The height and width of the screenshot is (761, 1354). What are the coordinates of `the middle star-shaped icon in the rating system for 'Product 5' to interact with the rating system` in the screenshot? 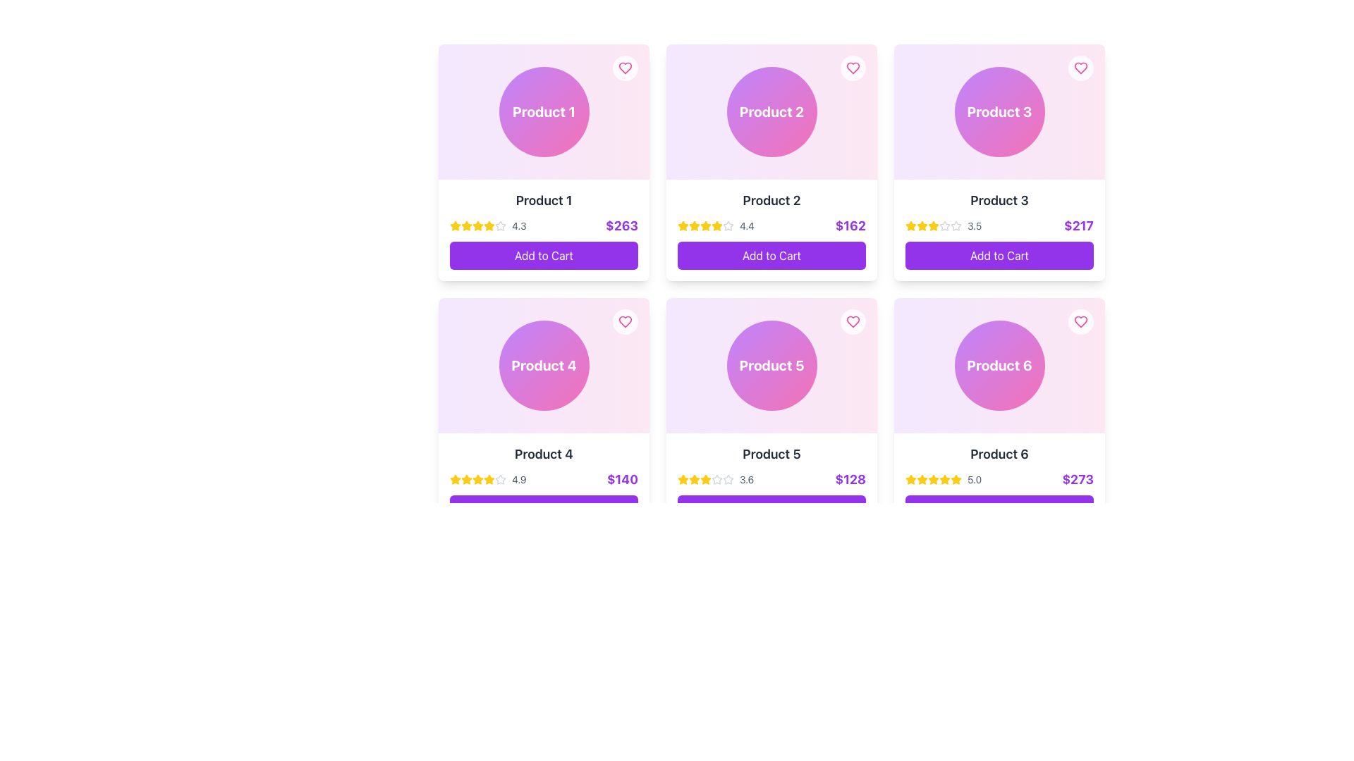 It's located at (694, 479).